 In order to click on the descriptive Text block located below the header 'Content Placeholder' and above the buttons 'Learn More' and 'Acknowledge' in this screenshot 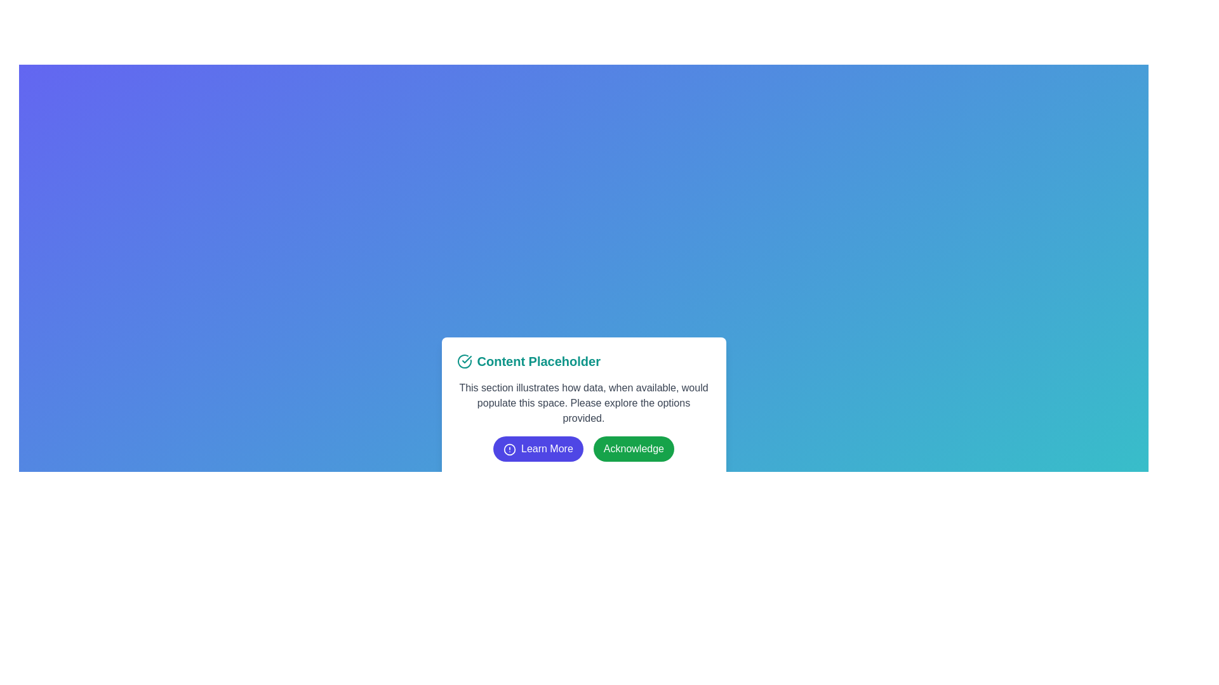, I will do `click(583, 403)`.